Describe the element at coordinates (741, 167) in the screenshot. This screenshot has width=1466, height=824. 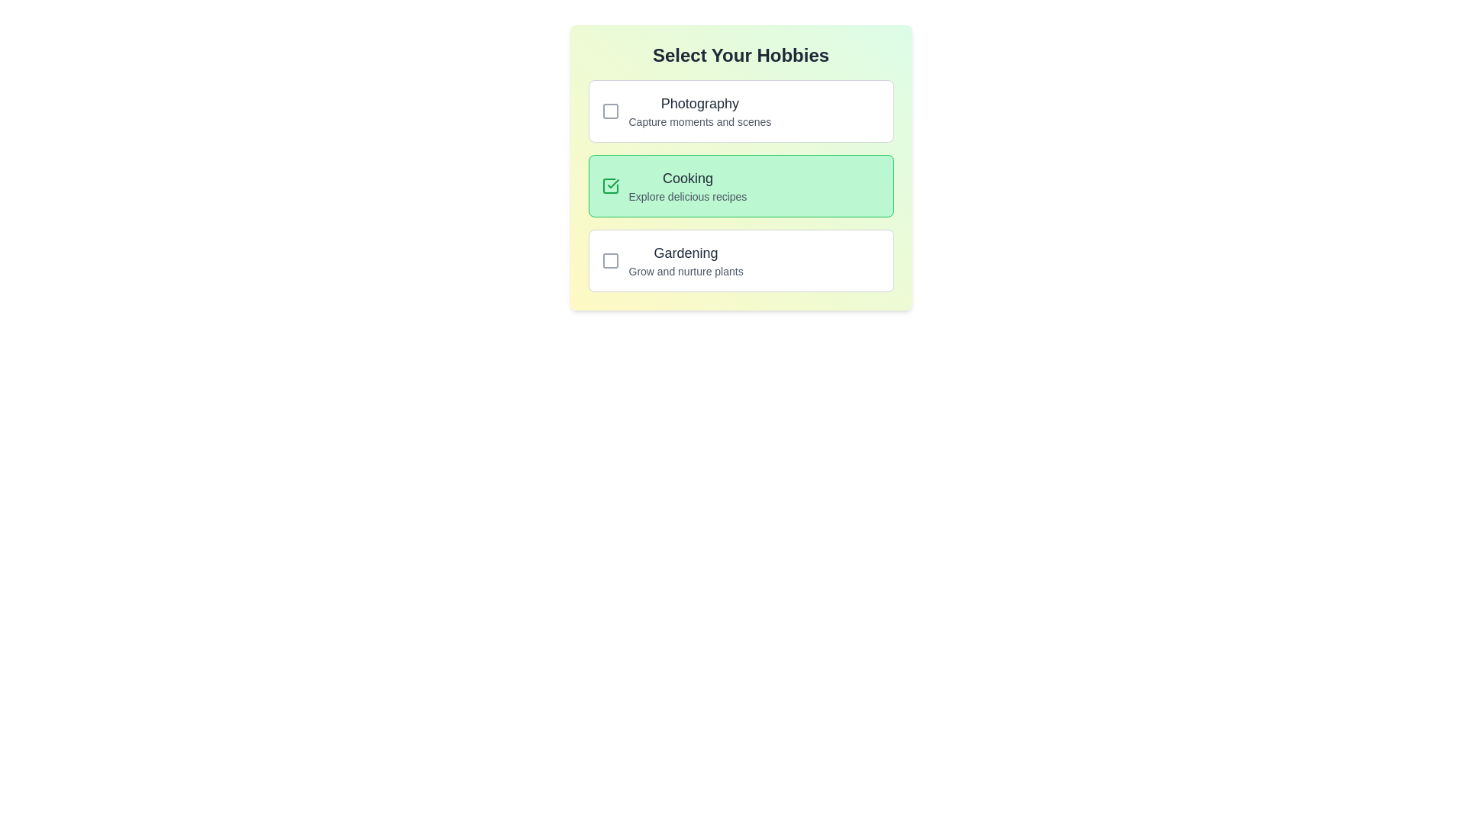
I see `the checkbox labeled 'Cooking'` at that location.